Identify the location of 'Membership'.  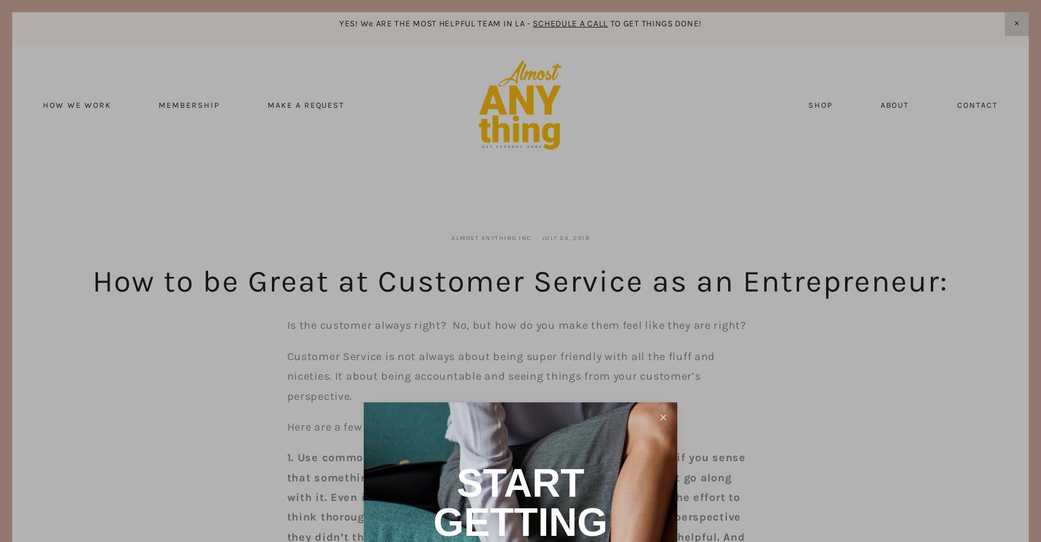
(189, 105).